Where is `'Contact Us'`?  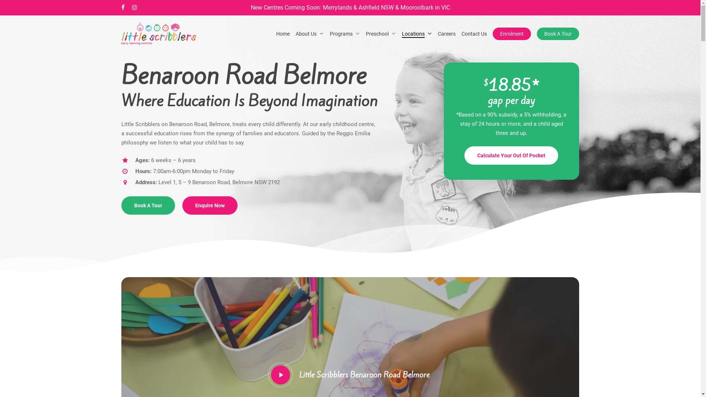 'Contact Us' is located at coordinates (474, 34).